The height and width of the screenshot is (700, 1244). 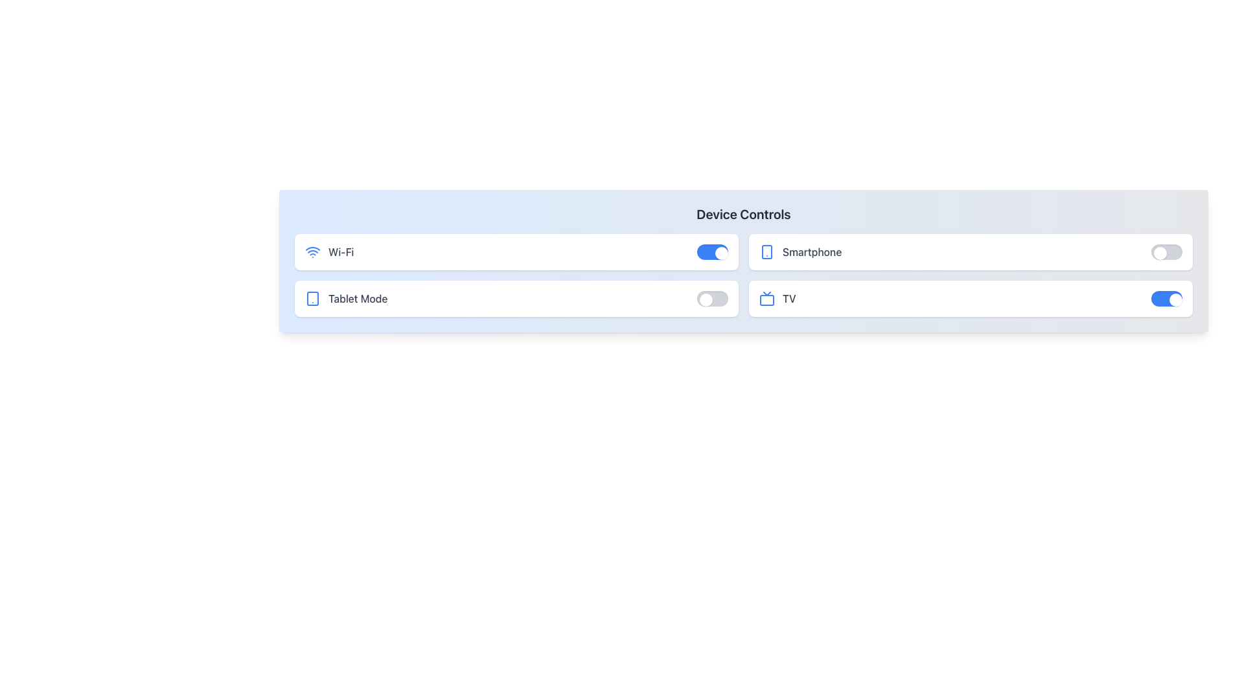 I want to click on the toggle switch that enables or disables the 'TV' functionality located in the 'Device Controls' section, specifically in the third row, so click(x=1166, y=299).